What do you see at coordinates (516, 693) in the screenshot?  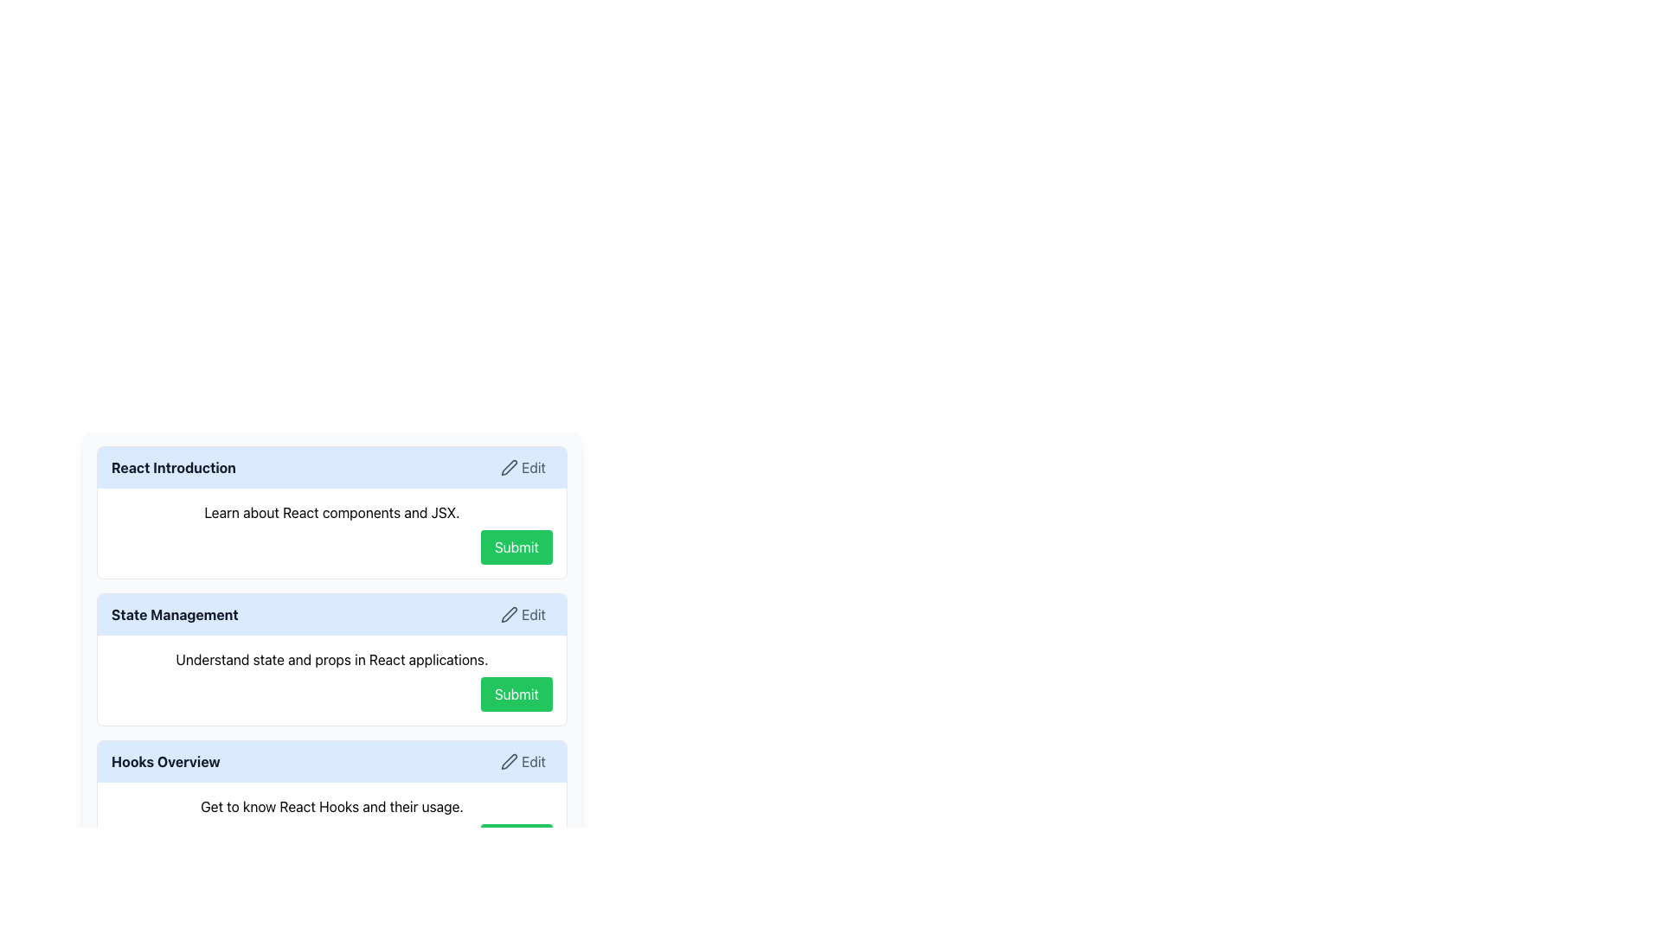 I see `the 'Submit' button with a green background and white bold text` at bounding box center [516, 693].